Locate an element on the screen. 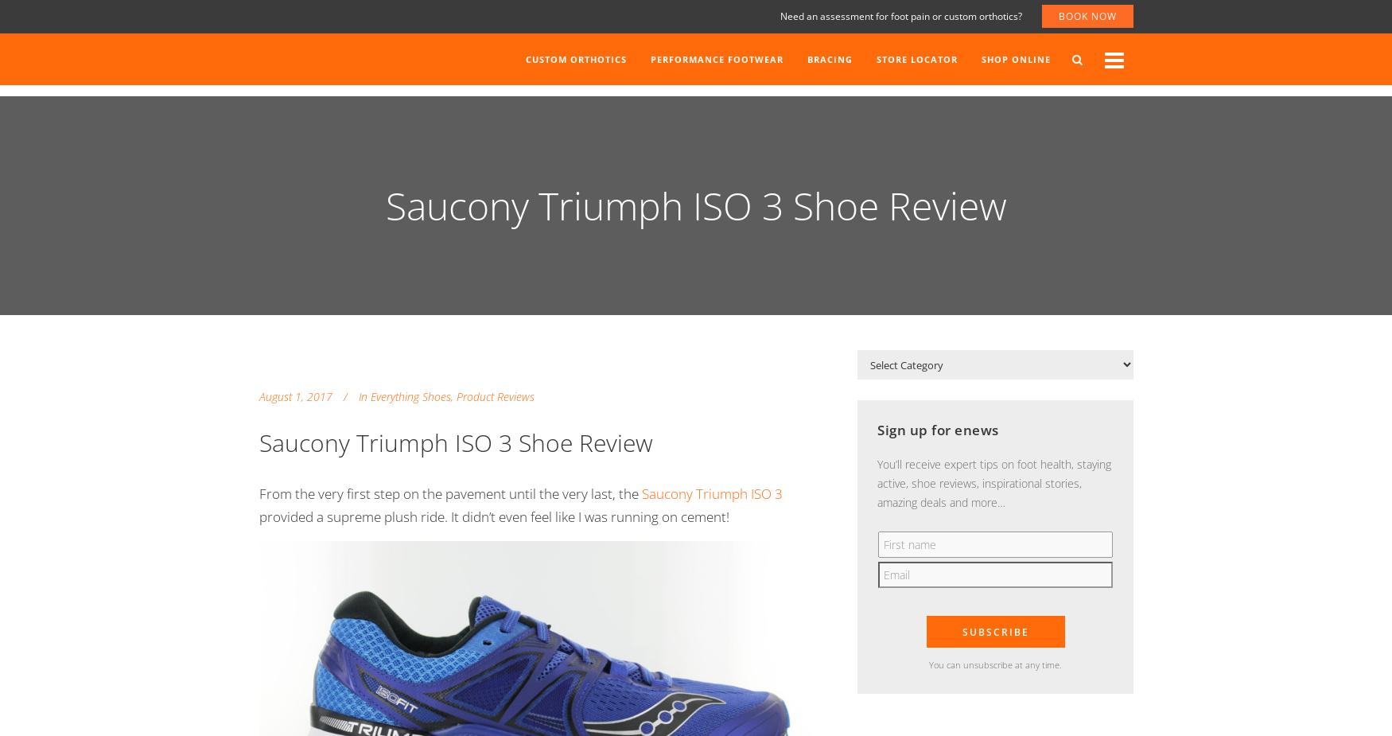 The image size is (1392, 736). 'You’ll receive expert tips on foot health, staying active, shoe reviews, inspirational stories, amazing deals and more…' is located at coordinates (994, 482).